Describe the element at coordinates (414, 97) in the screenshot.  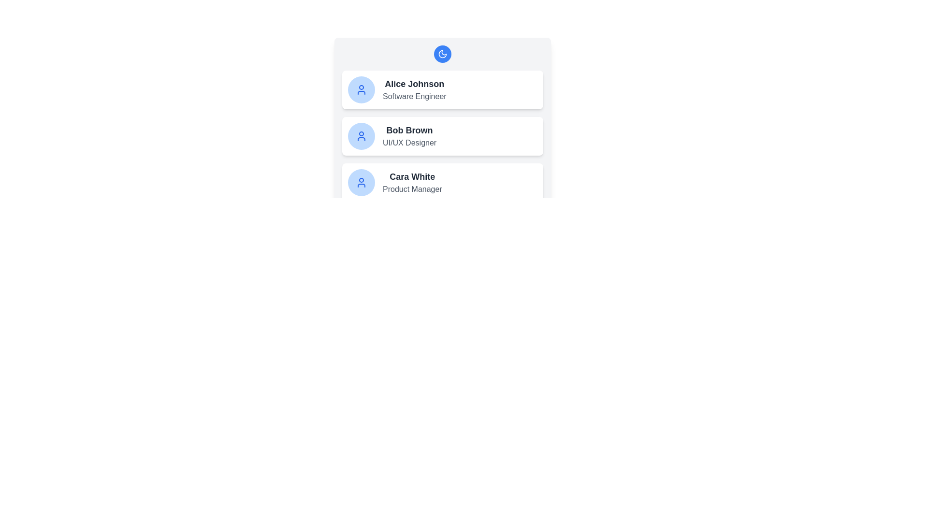
I see `the text element displaying the job title 'Software Engineer' associated with 'Alice Johnson', which is located beneath the name within the card` at that location.